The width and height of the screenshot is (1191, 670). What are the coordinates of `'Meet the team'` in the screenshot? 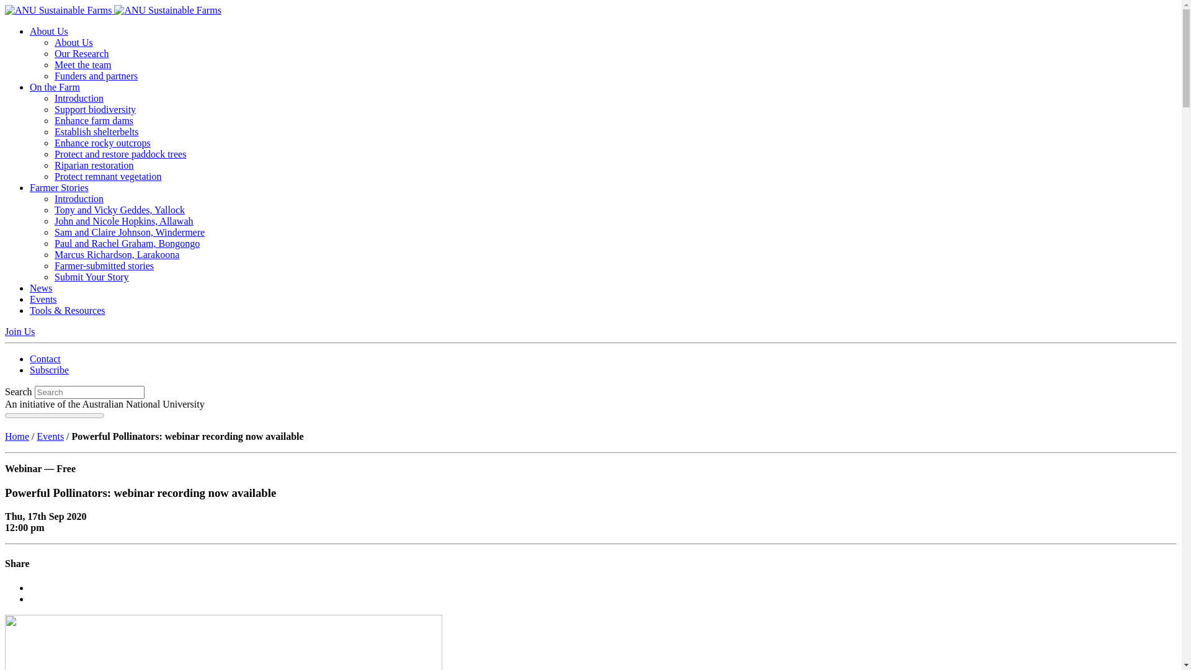 It's located at (83, 65).